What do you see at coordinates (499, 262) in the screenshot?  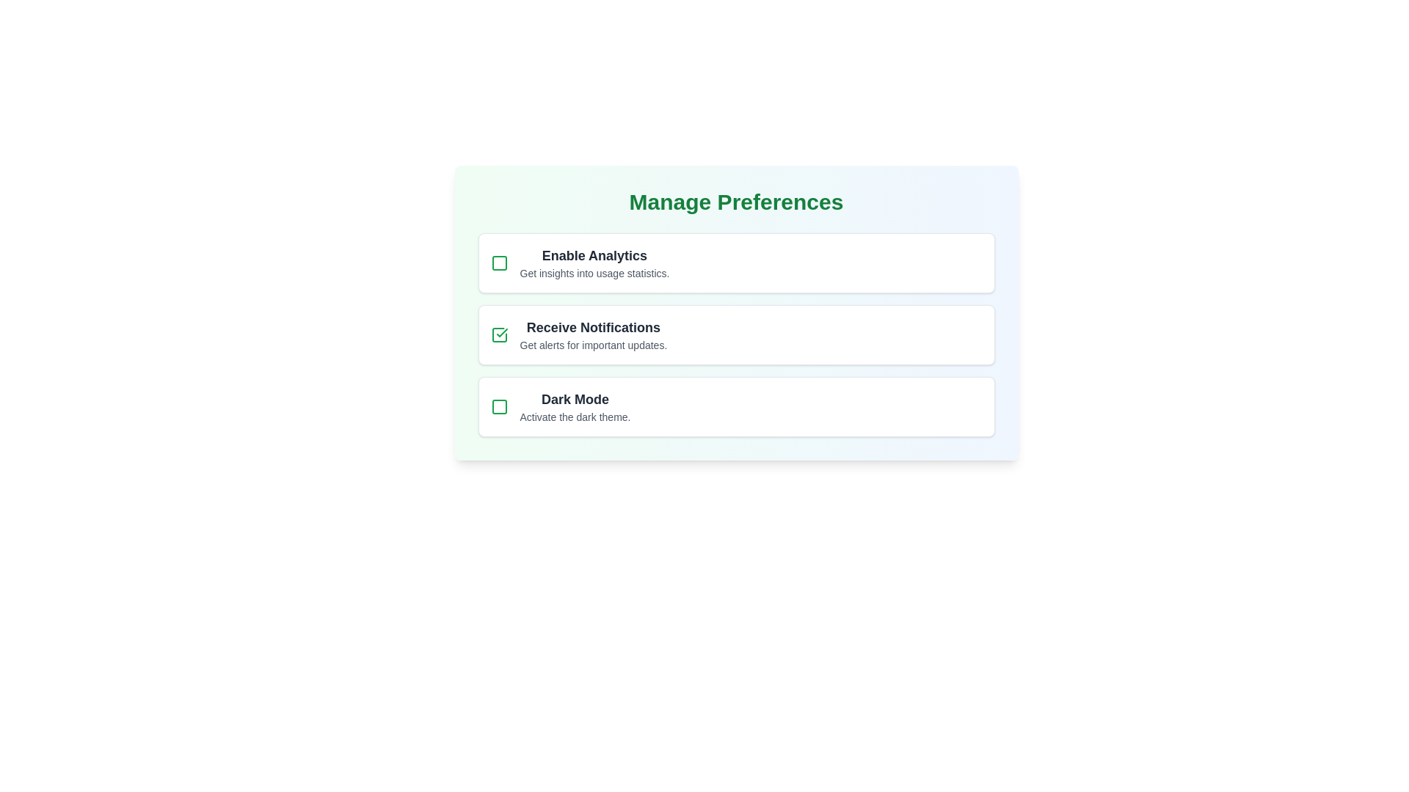 I see `the checkbox to the left of the 'Enable Analytics' label` at bounding box center [499, 262].